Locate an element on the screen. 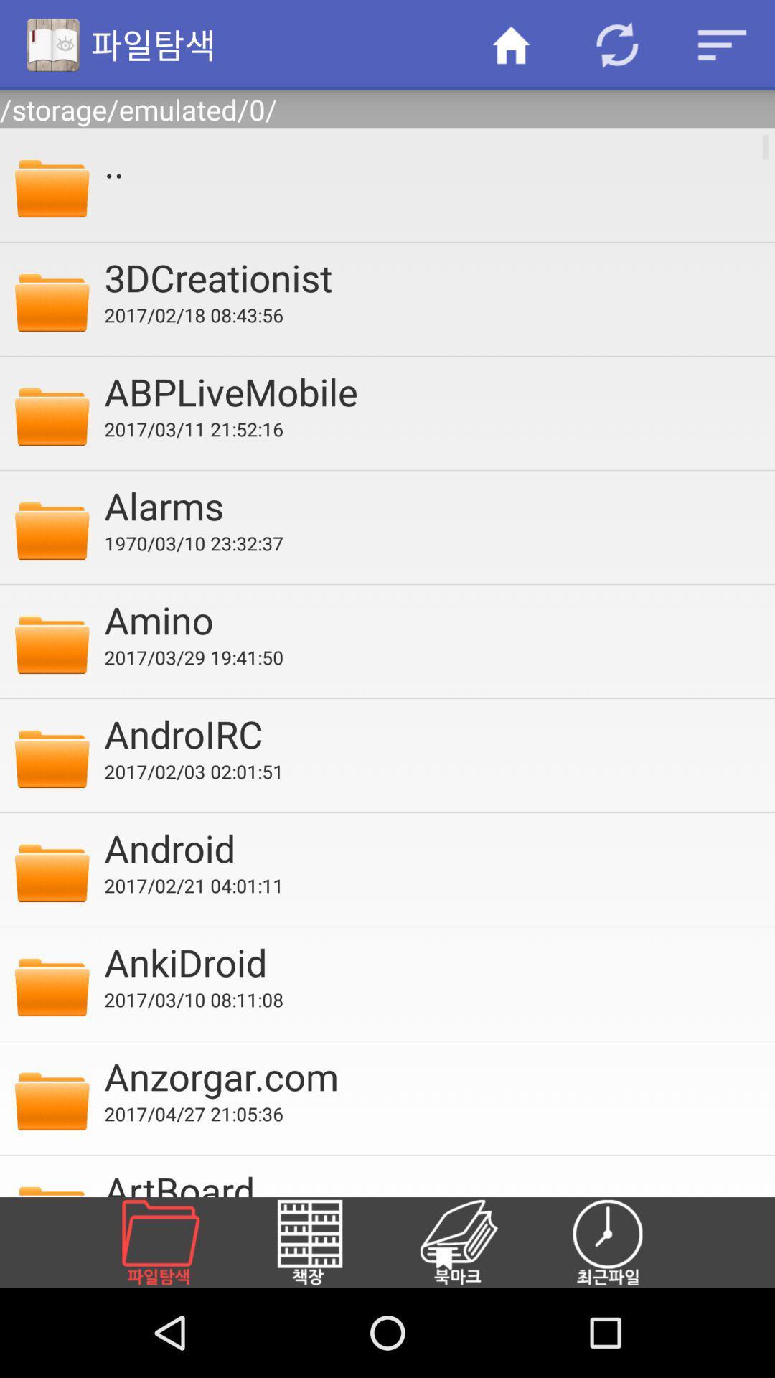 This screenshot has height=1378, width=775. file directory is located at coordinates (177, 1242).